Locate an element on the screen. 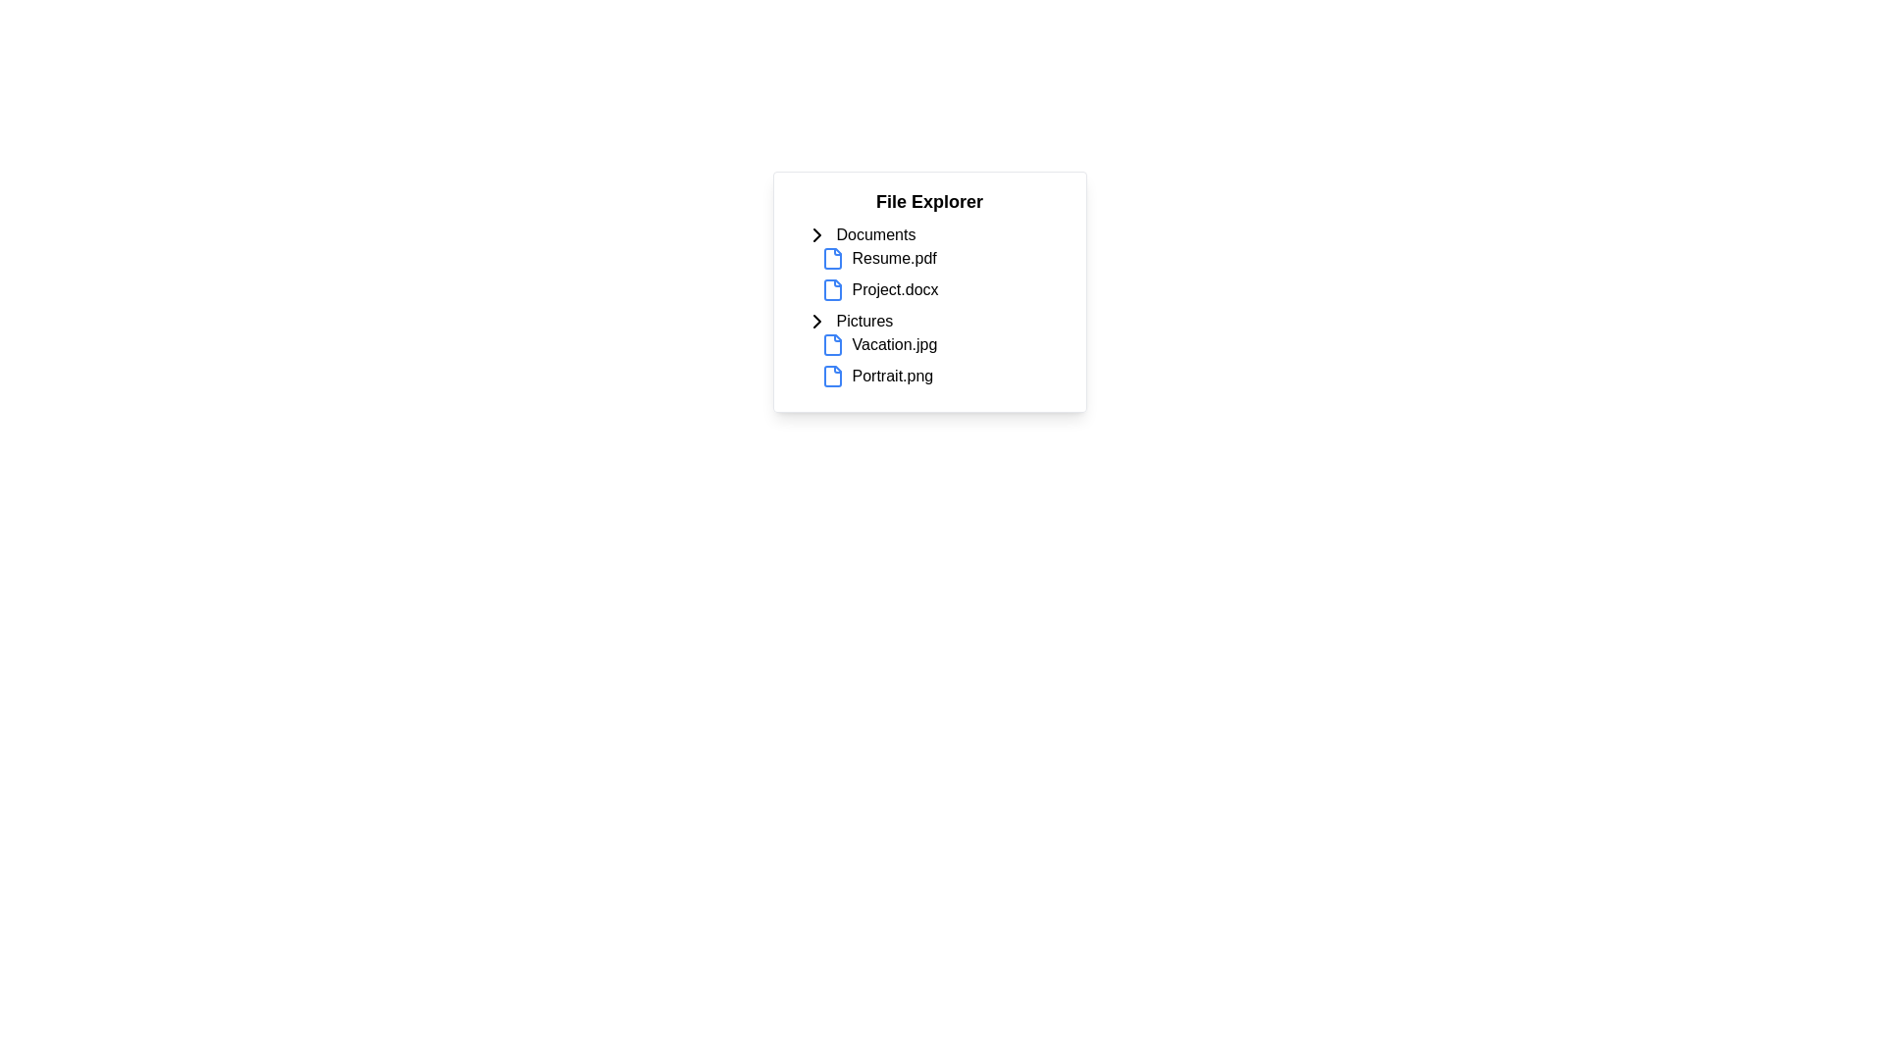 This screenshot has height=1059, width=1884. the main body of the file icon that resembles a document, located in the 'Documents' section beside 'Project.docx' is located at coordinates (832, 290).